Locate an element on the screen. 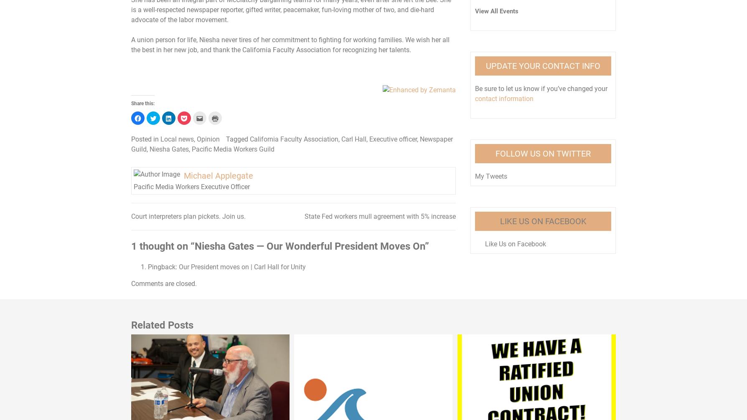  'Follow Us on Twitter' is located at coordinates (543, 152).